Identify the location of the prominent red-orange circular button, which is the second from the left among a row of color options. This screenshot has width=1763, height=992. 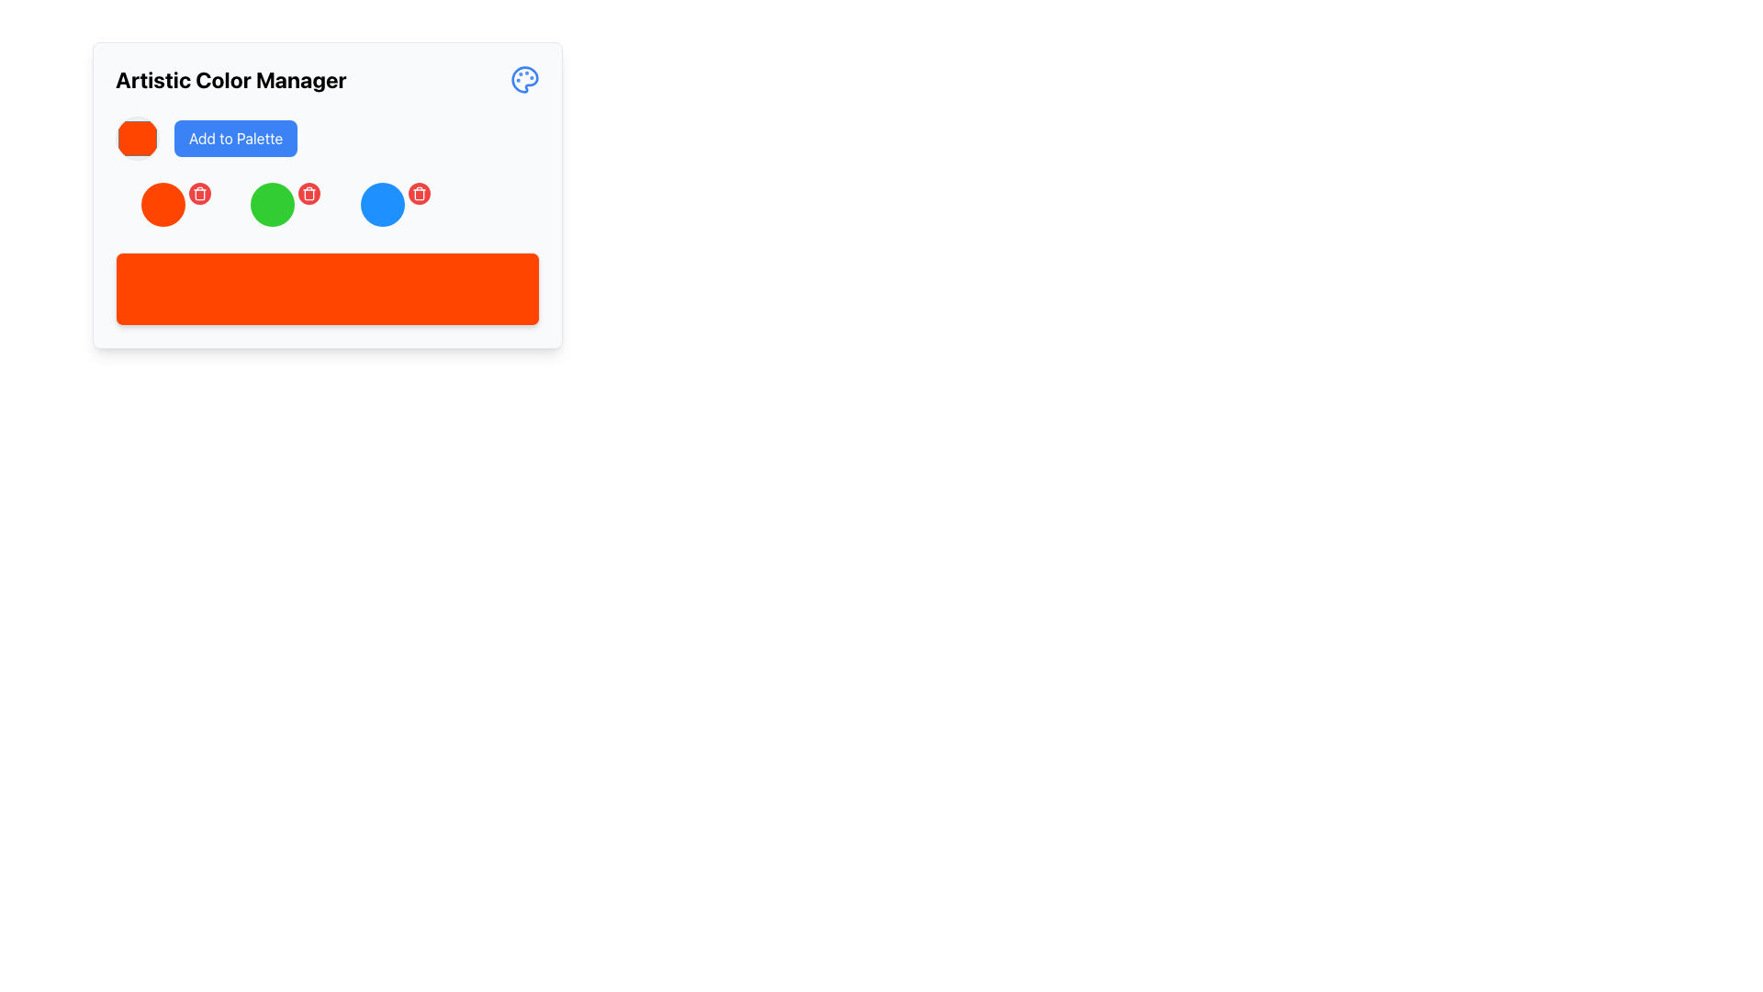
(163, 205).